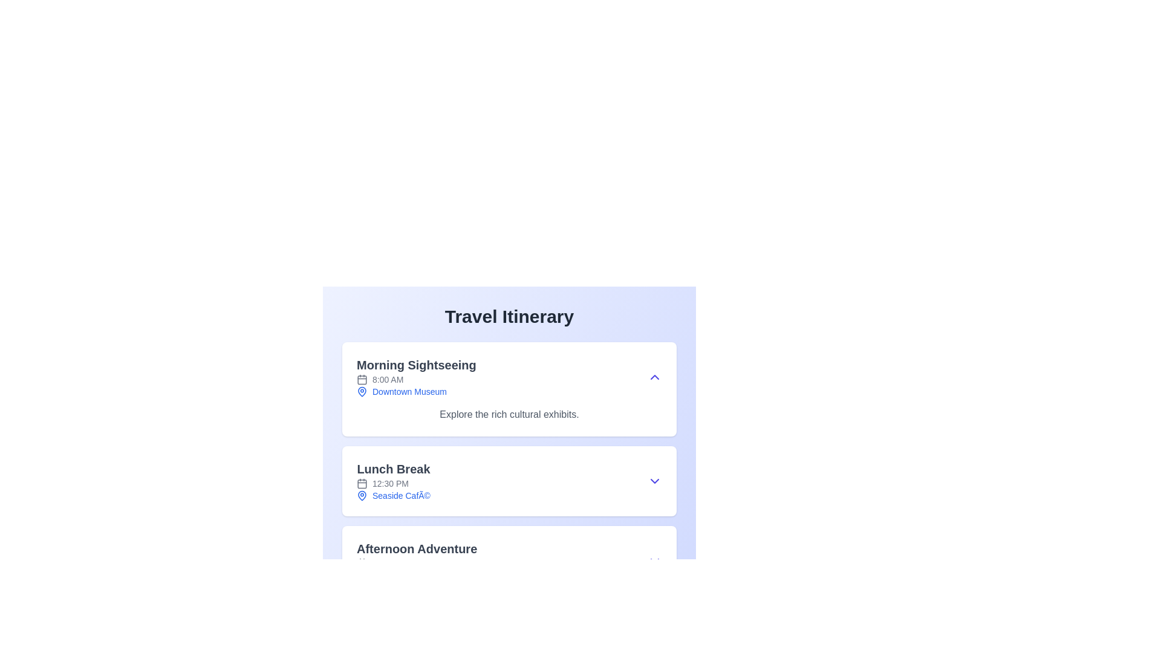 This screenshot has height=653, width=1161. What do you see at coordinates (416, 377) in the screenshot?
I see `the list item summarizing the activity 'Morning Sightseeing', which includes the time '8:00 AM' and location 'Downtown Museum', positioned at the top of the itinerary list` at bounding box center [416, 377].